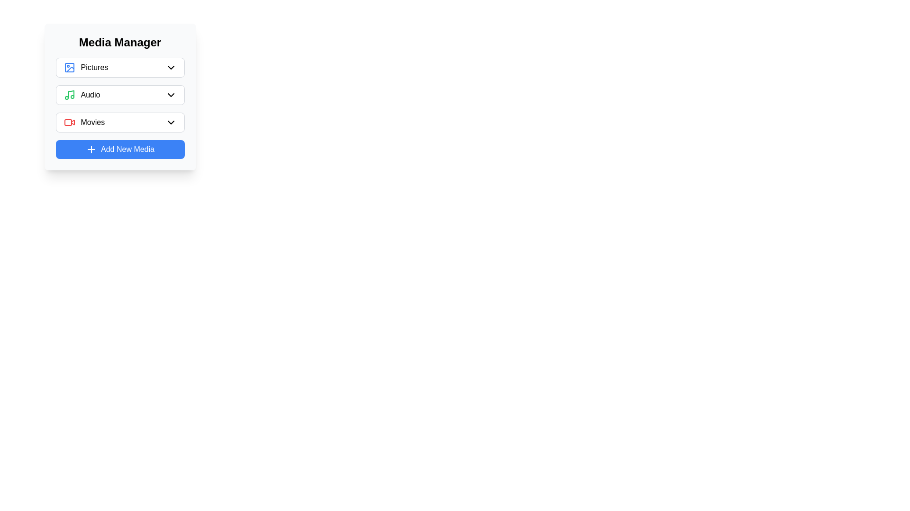 The image size is (910, 511). I want to click on the 'Pictures' media category button in the media manager panel, so click(119, 67).